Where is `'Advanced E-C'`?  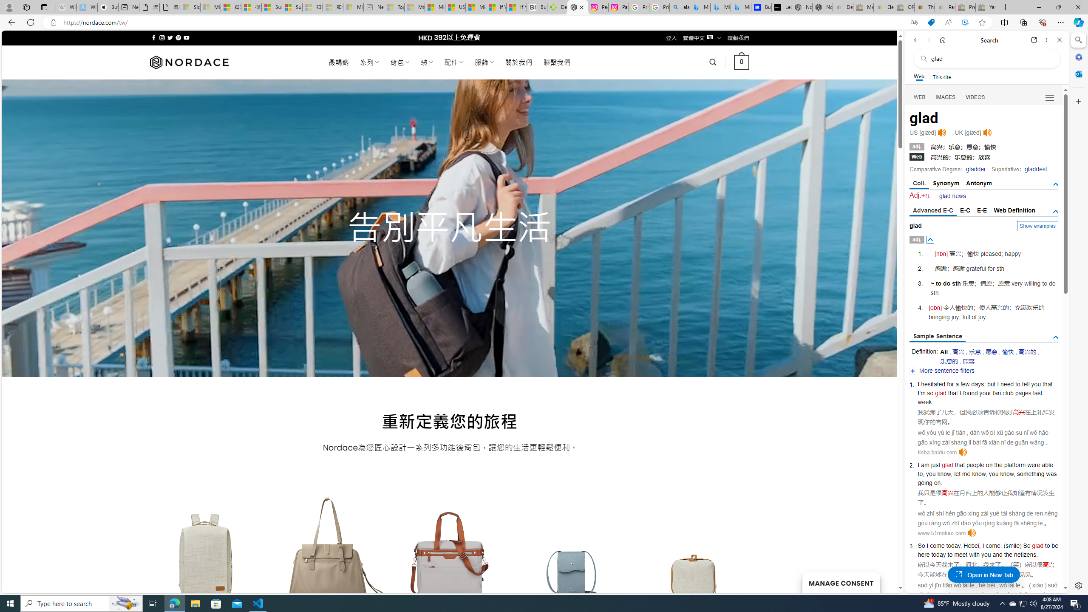 'Advanced E-C' is located at coordinates (932, 210).